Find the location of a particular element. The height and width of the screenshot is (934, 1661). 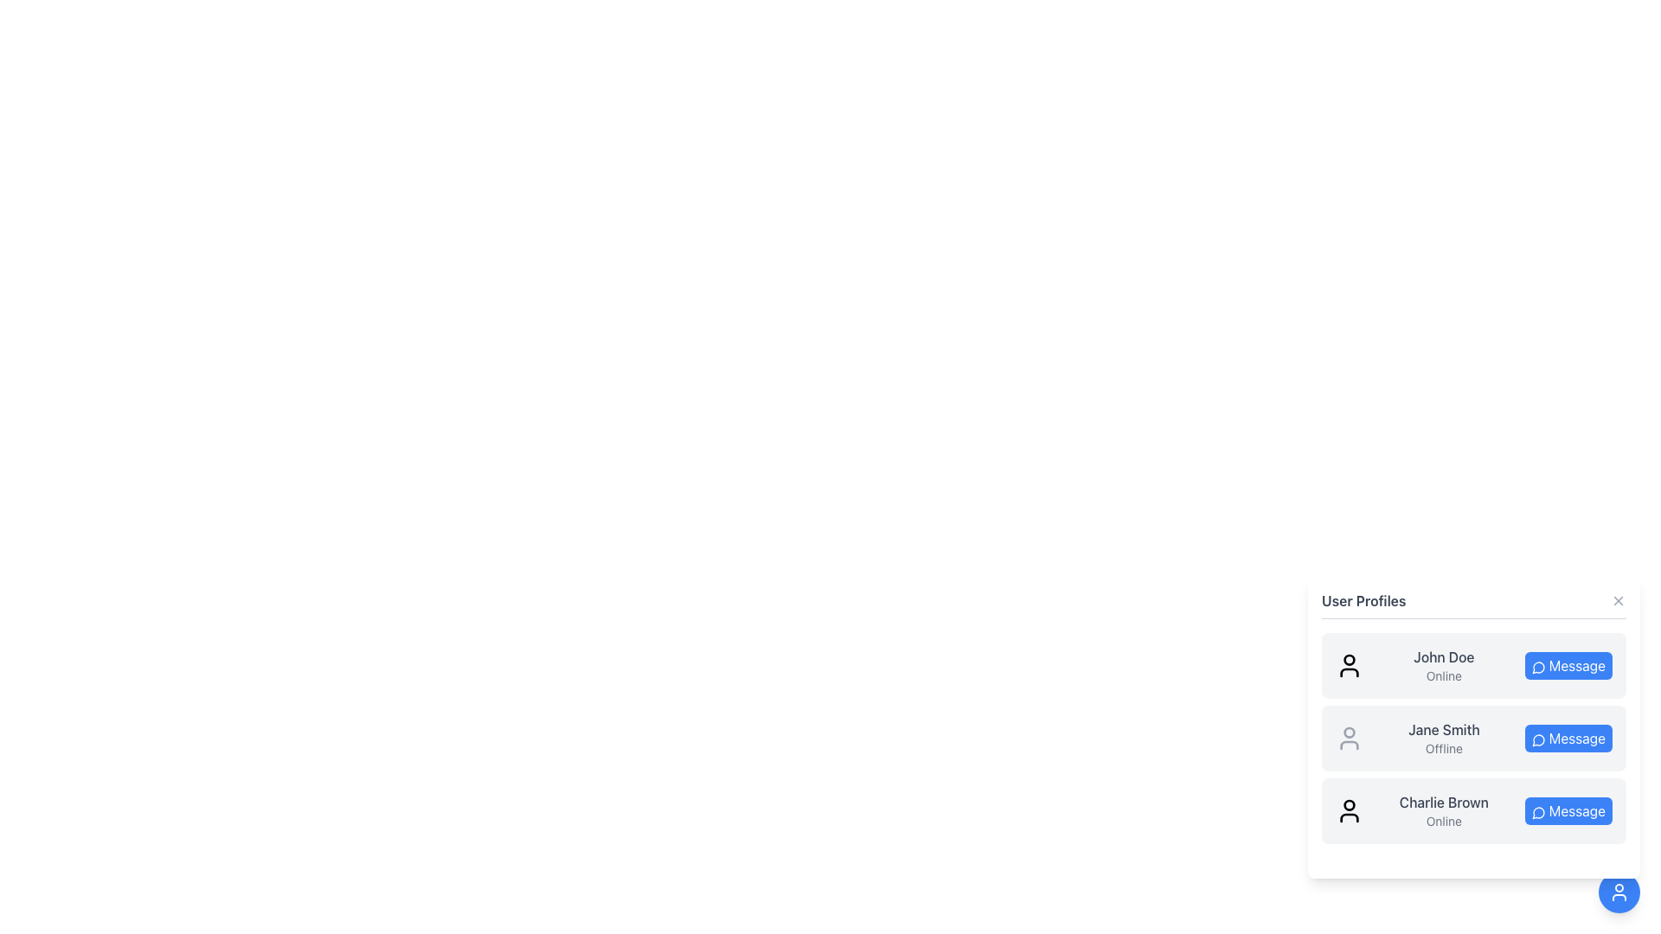

the textual content of the Profile entry item for 'John Doe' which is part of the 'User Profiles' section is located at coordinates (1473, 665).